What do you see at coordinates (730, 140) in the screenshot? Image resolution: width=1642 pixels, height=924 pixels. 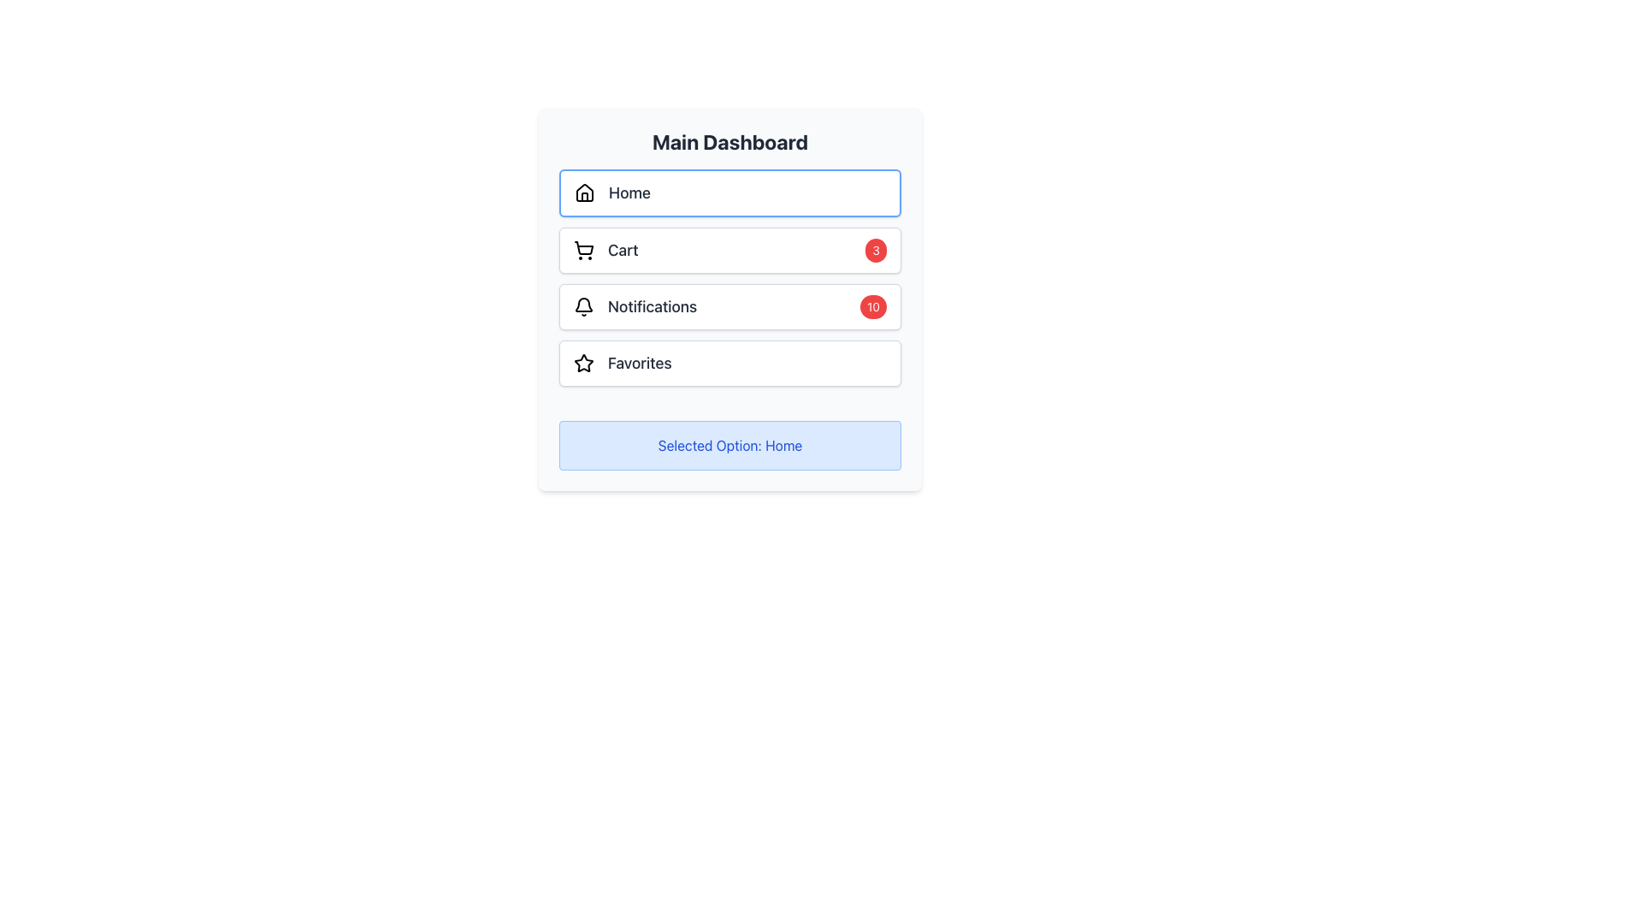 I see `the 'Main Dashboard' text label, which is displayed in a bold, large dark gray font at the top of its section, centered horizontally above the interactive buttons` at bounding box center [730, 140].